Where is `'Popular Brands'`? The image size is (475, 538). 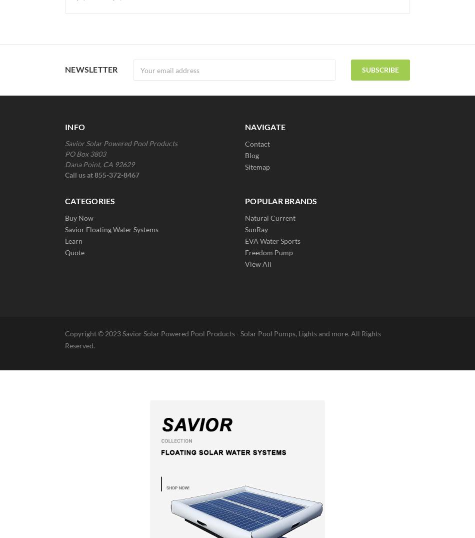 'Popular Brands' is located at coordinates (281, 200).